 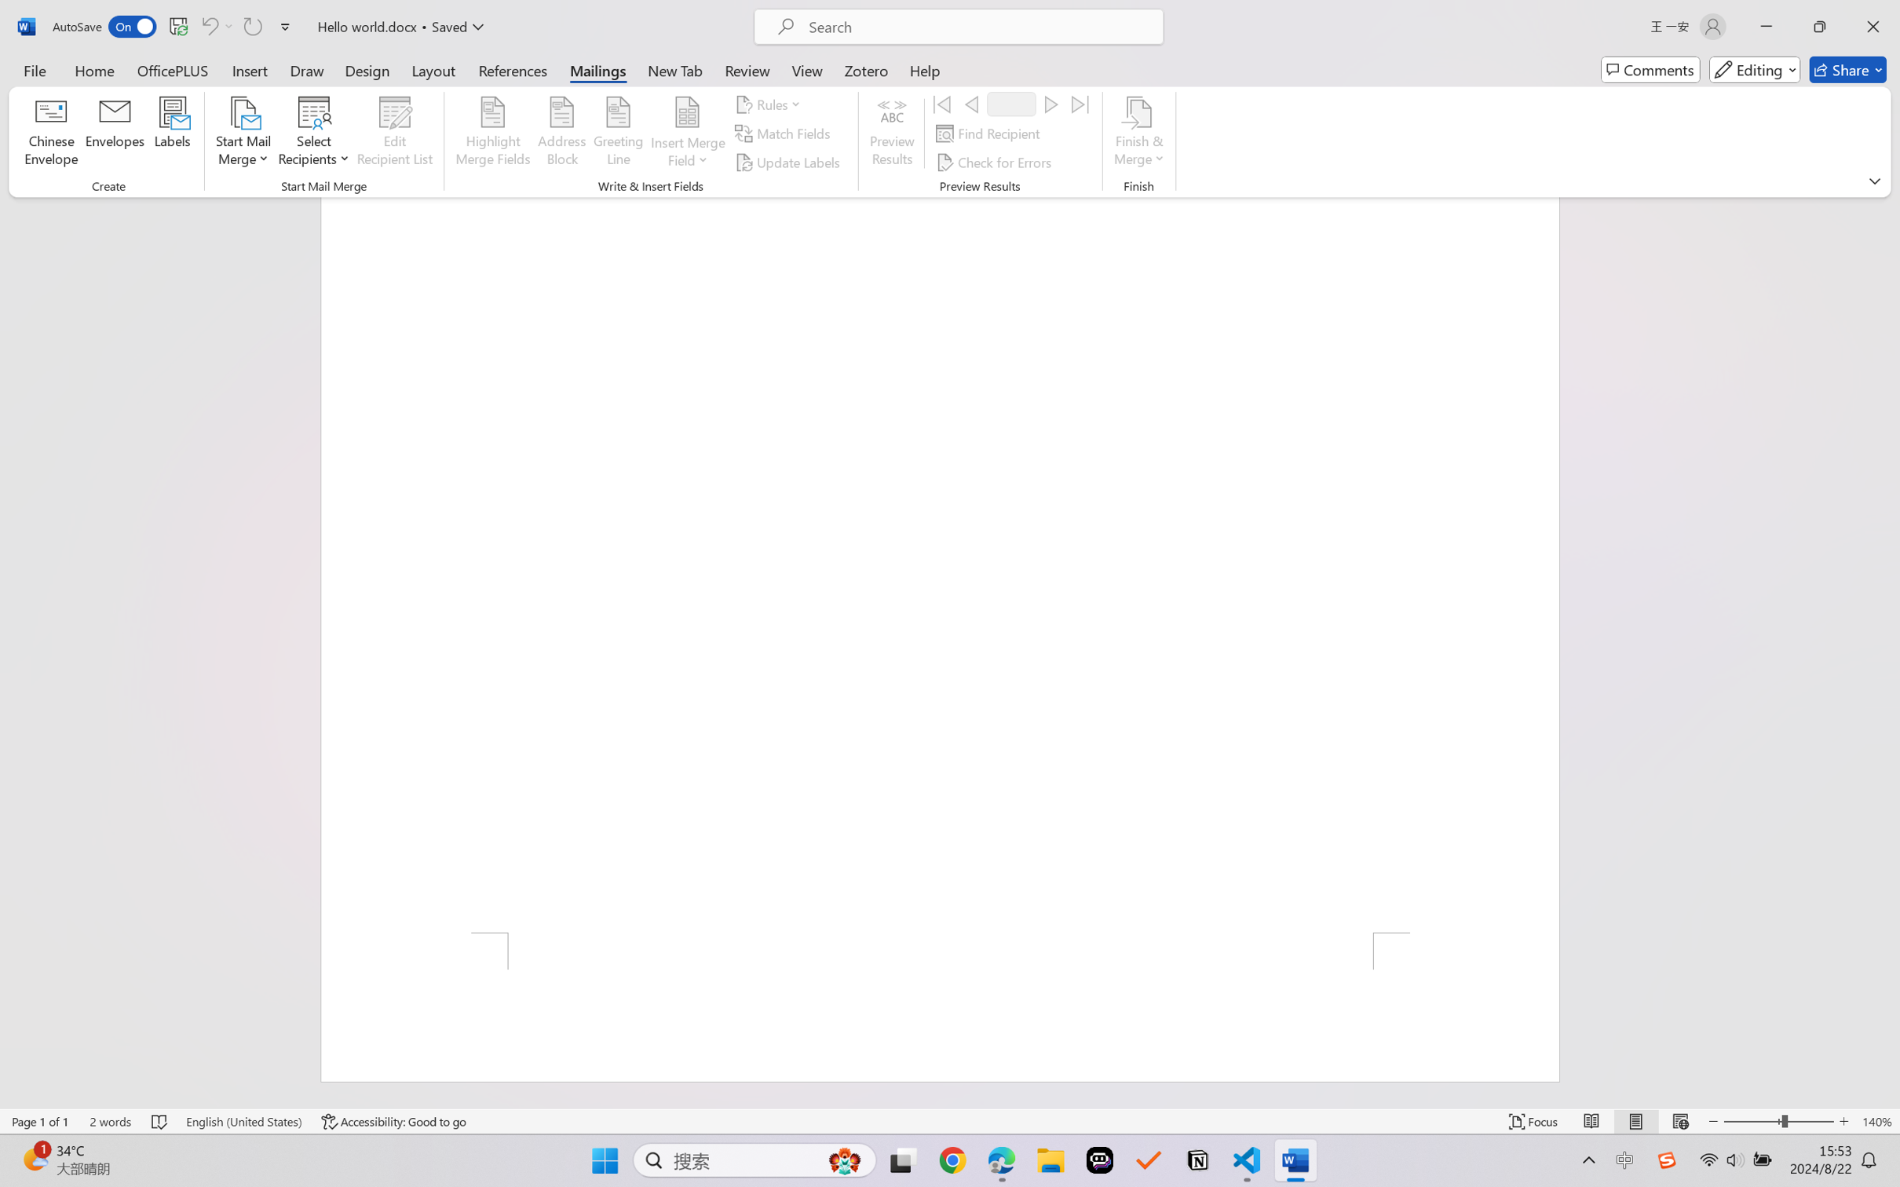 What do you see at coordinates (1650, 69) in the screenshot?
I see `'Comments'` at bounding box center [1650, 69].